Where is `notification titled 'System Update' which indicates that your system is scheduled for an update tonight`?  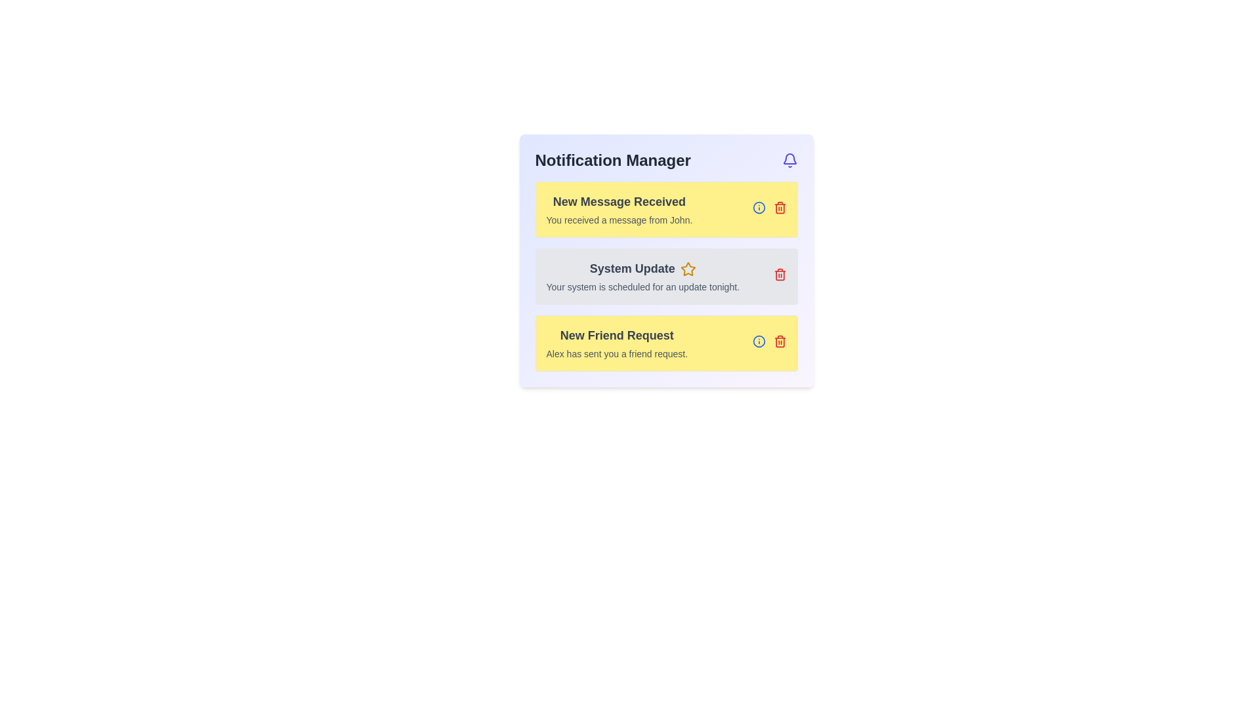
notification titled 'System Update' which indicates that your system is scheduled for an update tonight is located at coordinates (666, 275).